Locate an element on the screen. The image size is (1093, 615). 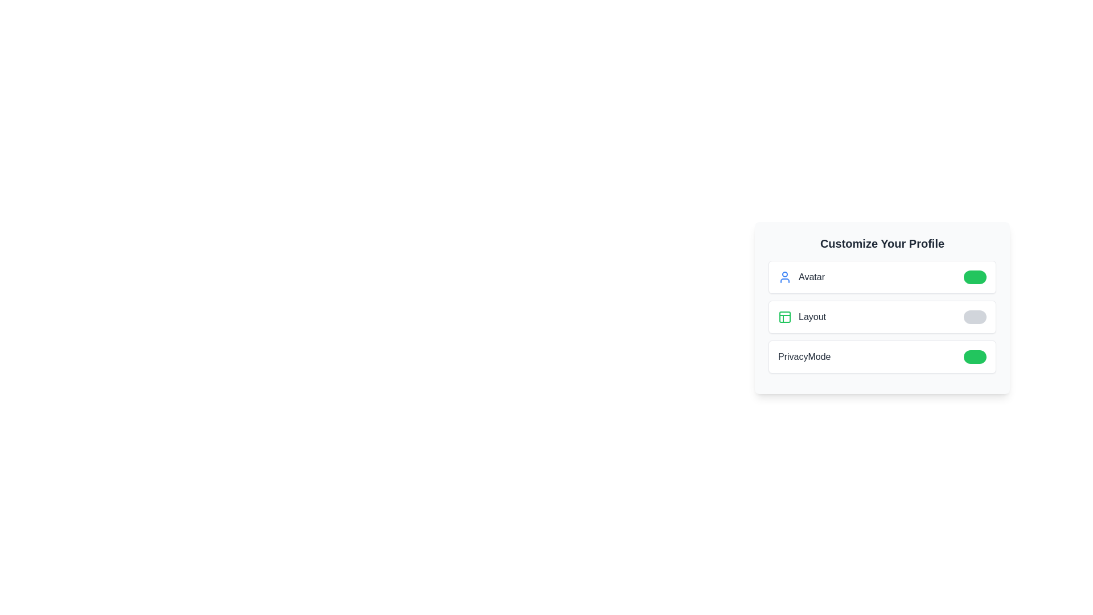
the icon representing the feature PrivacyMode is located at coordinates (975, 356).